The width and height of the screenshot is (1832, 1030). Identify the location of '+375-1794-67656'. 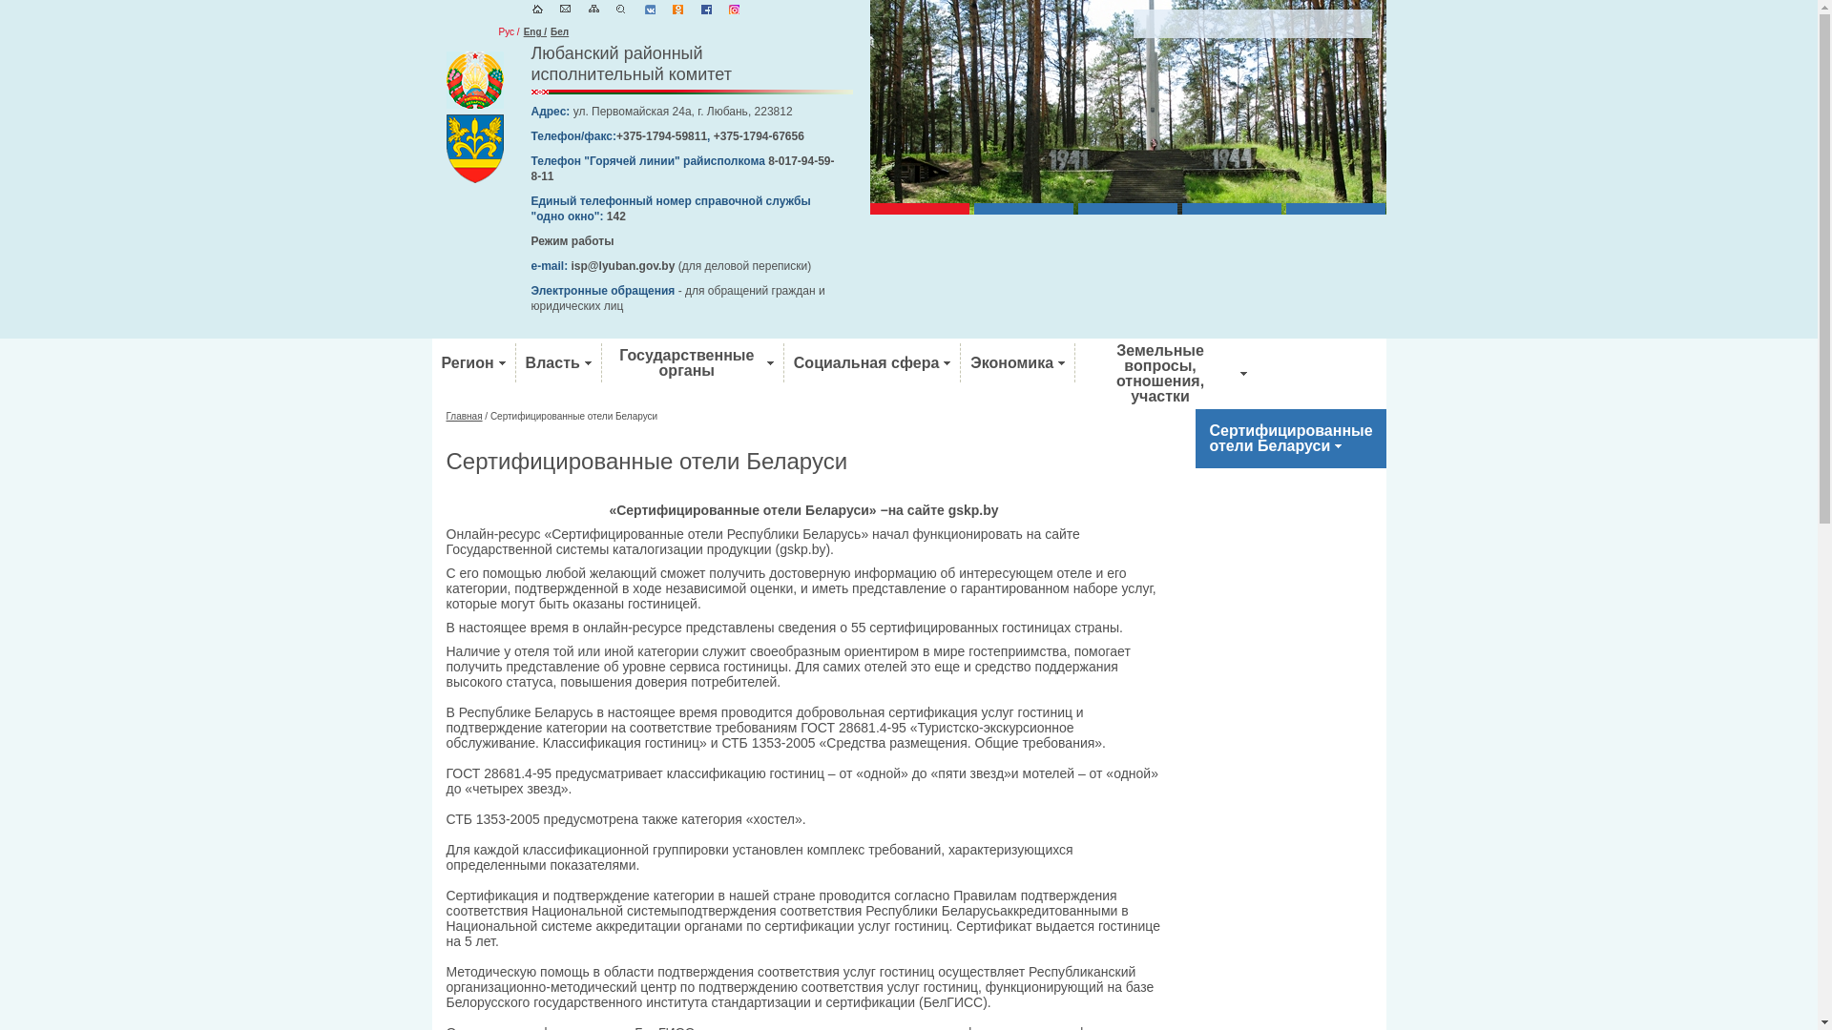
(758, 134).